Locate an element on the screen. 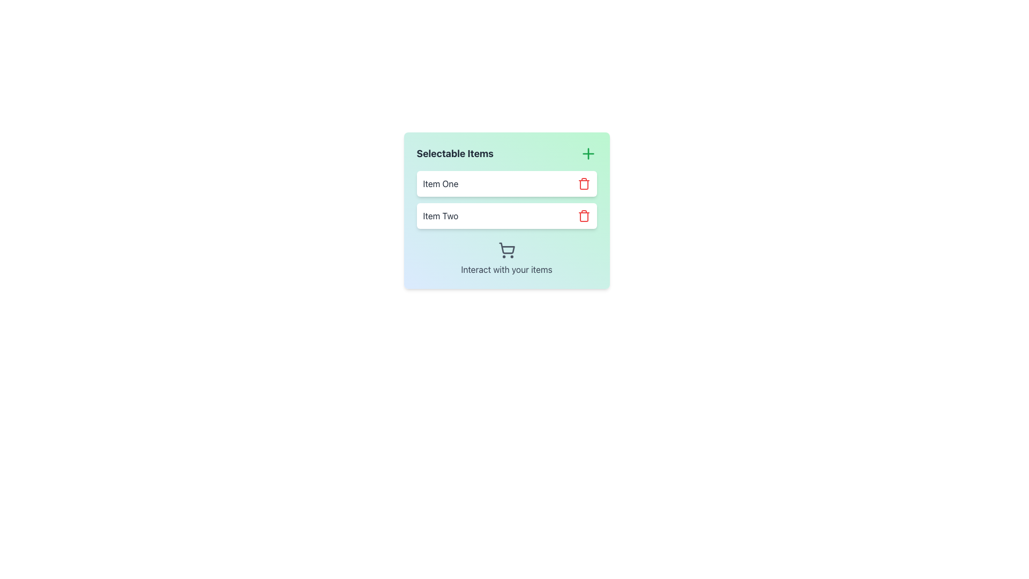 This screenshot has height=579, width=1029. the green plus-style icon button is located at coordinates (587, 153).